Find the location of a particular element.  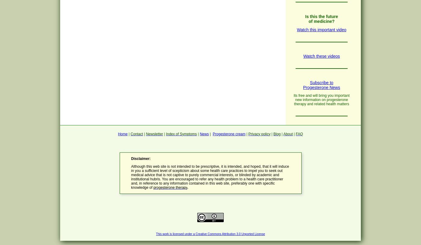

'Home' is located at coordinates (122, 133).